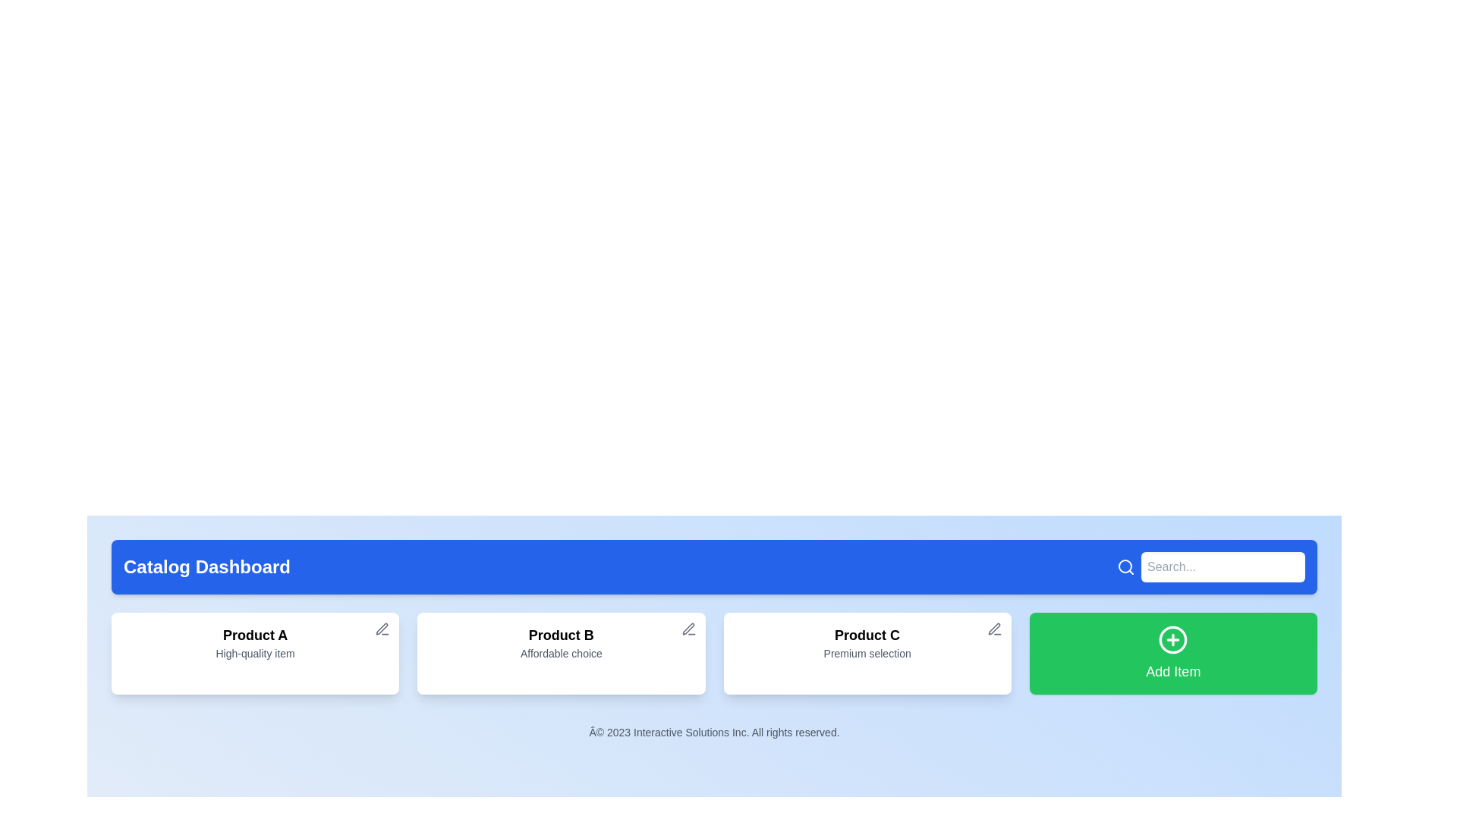 This screenshot has width=1457, height=819. Describe the element at coordinates (1125, 567) in the screenshot. I see `the search icon button located at the top-right corner of the blue bar, immediately to the left of the 'Search...' text input field` at that location.